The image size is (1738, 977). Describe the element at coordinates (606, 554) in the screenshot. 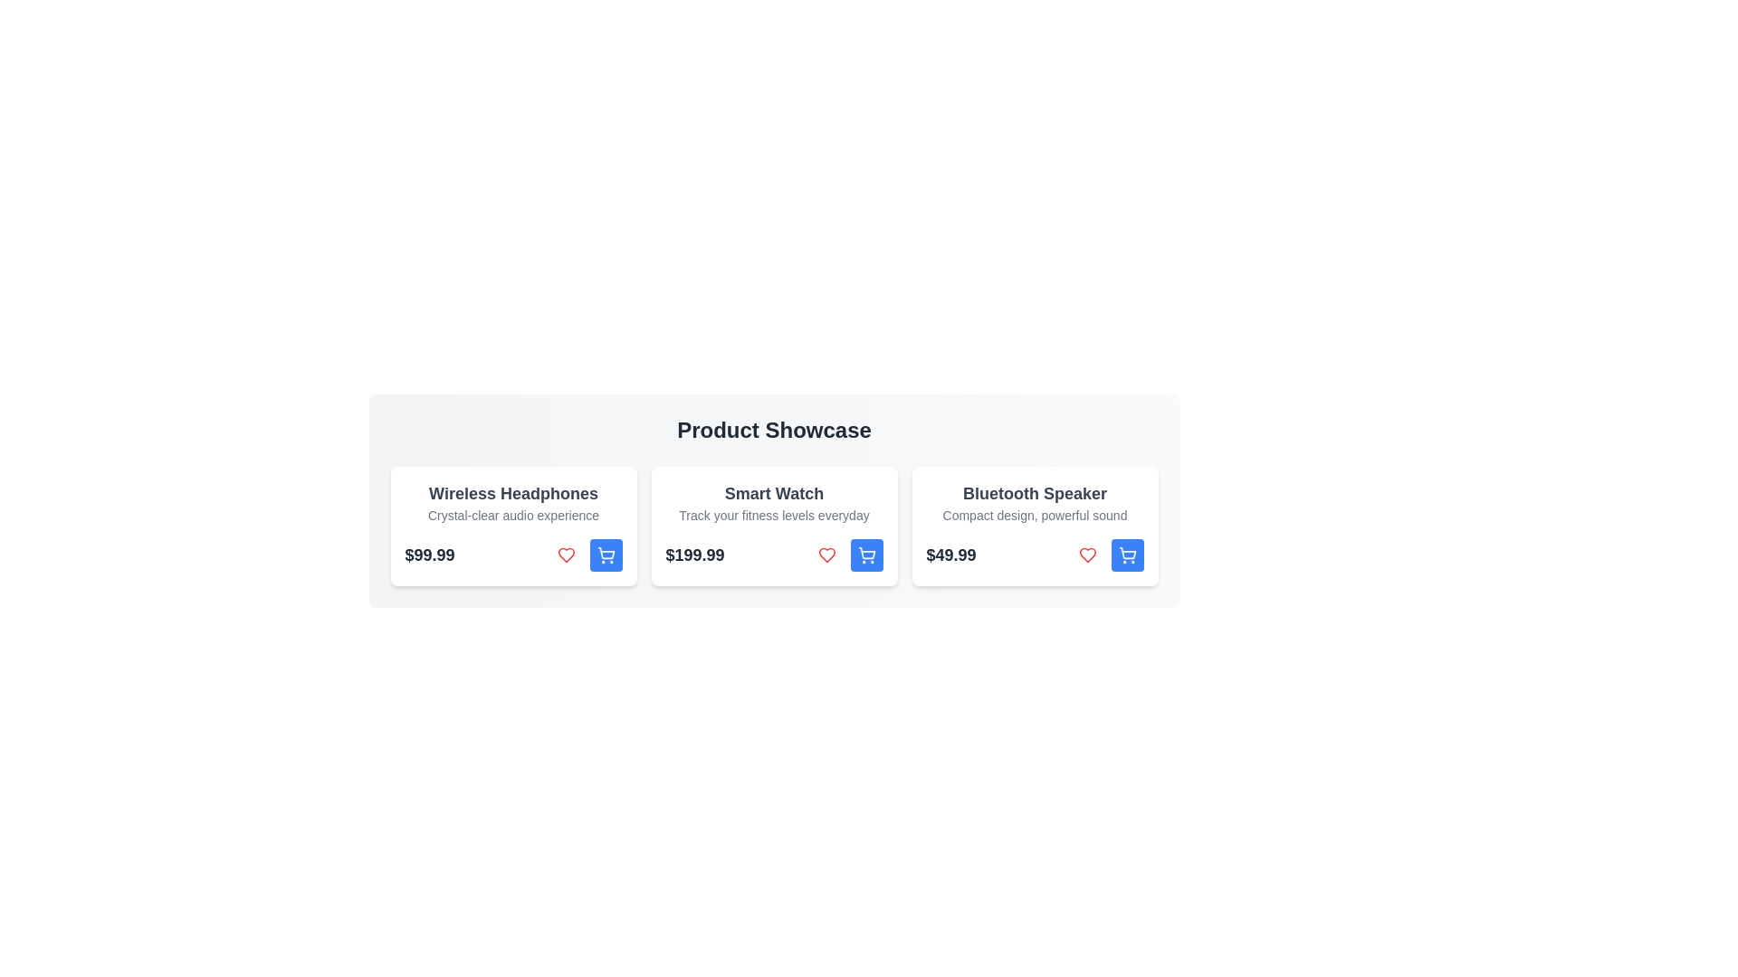

I see `add-to-cart button for the product Wireless Headphones` at that location.